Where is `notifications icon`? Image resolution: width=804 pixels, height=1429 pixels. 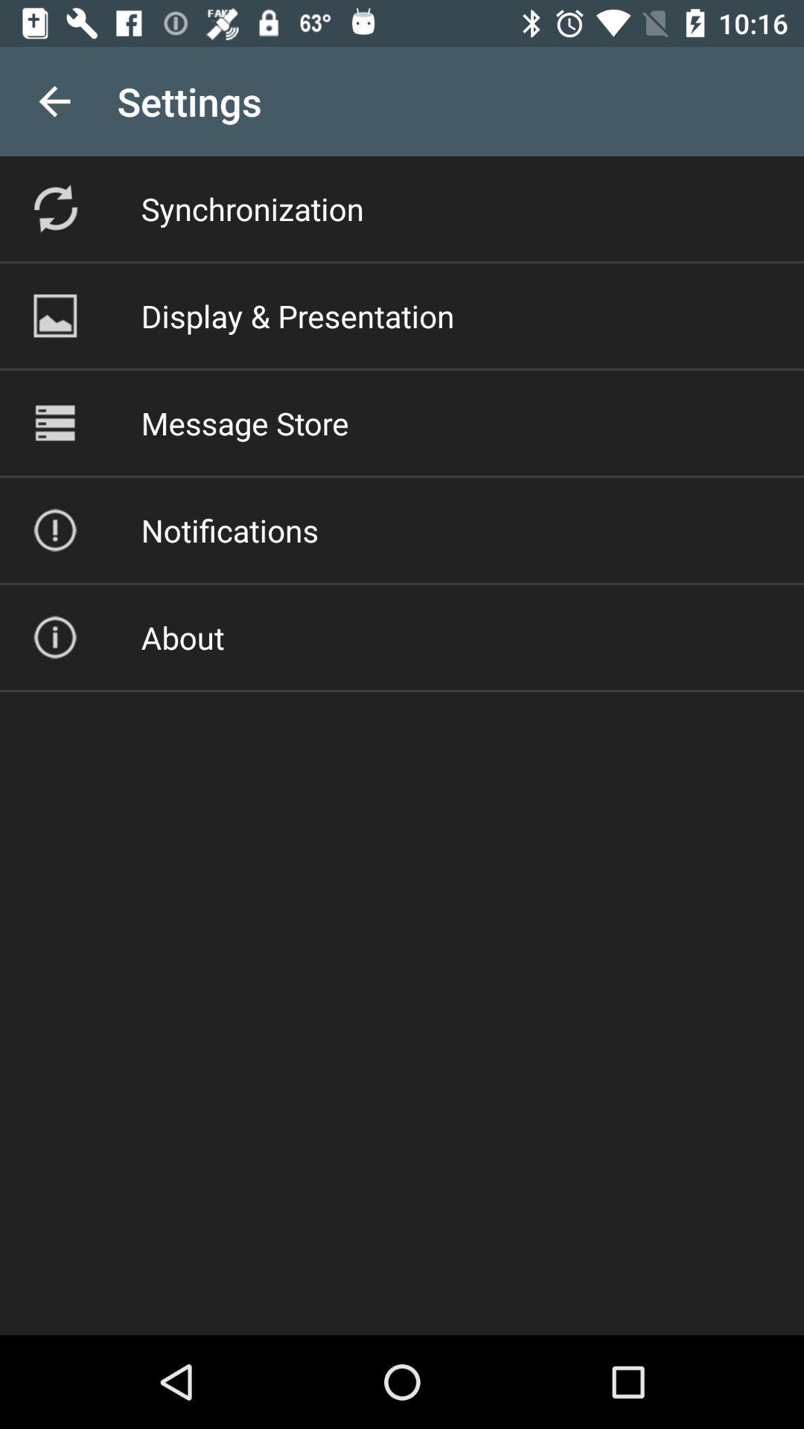 notifications icon is located at coordinates (229, 530).